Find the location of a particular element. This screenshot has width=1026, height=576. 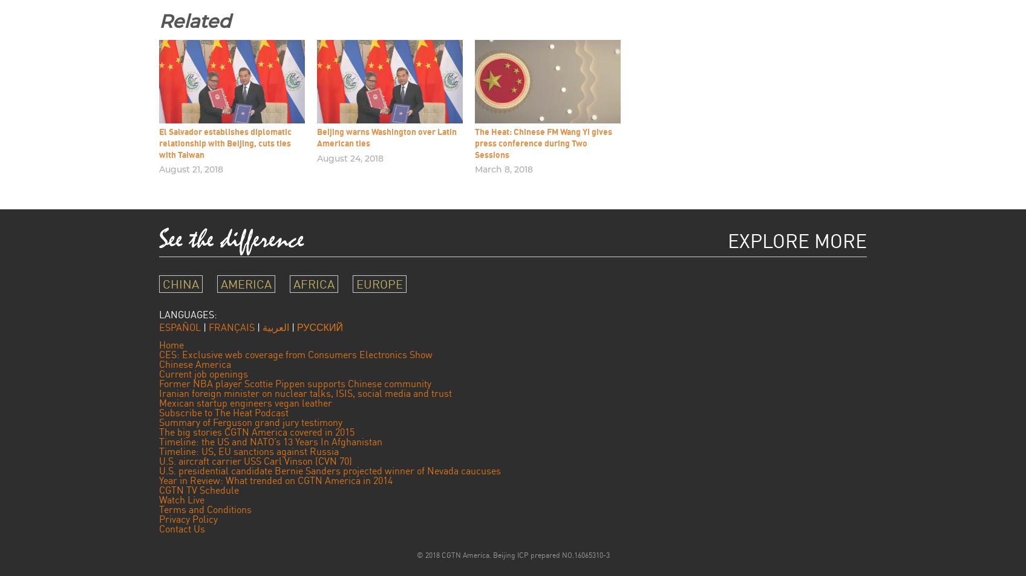

'Iranian foreign minister on nuclear talks, ISIS, social media and trust' is located at coordinates (158, 392).